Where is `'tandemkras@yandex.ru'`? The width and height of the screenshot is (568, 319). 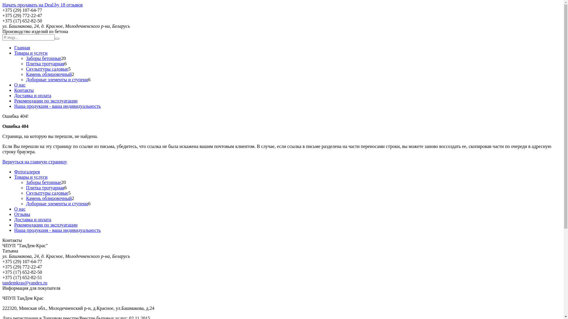 'tandemkras@yandex.ru' is located at coordinates (2, 282).